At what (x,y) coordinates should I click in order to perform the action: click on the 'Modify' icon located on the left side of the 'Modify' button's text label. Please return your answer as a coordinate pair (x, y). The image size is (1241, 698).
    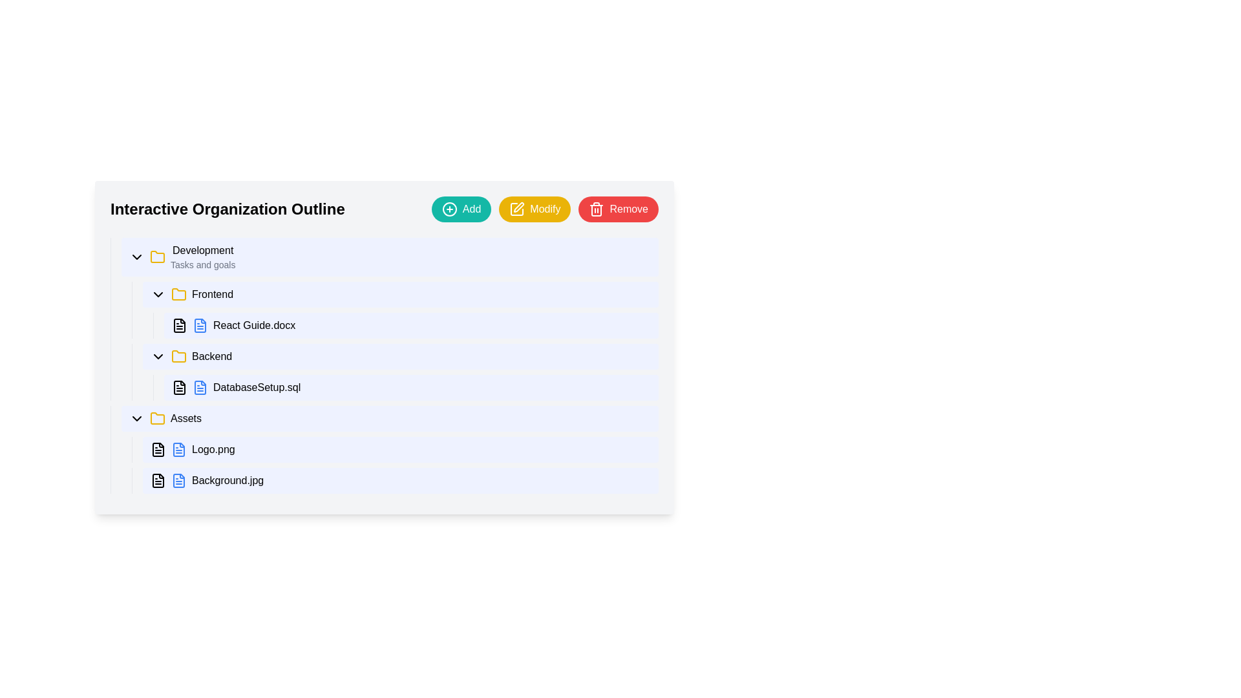
    Looking at the image, I should click on (517, 209).